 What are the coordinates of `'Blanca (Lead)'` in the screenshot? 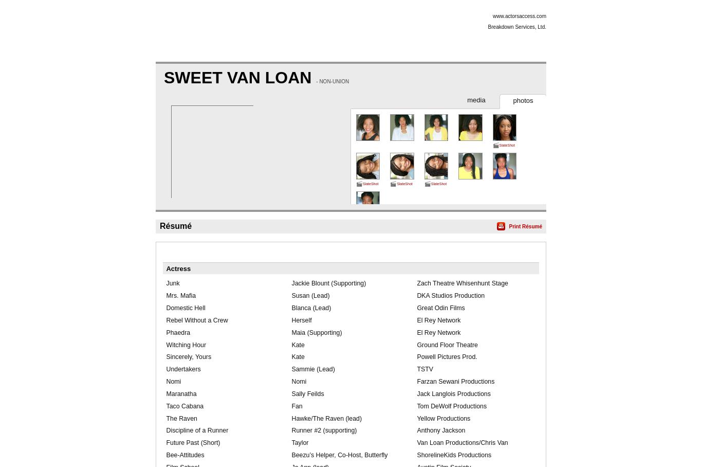 It's located at (310, 308).